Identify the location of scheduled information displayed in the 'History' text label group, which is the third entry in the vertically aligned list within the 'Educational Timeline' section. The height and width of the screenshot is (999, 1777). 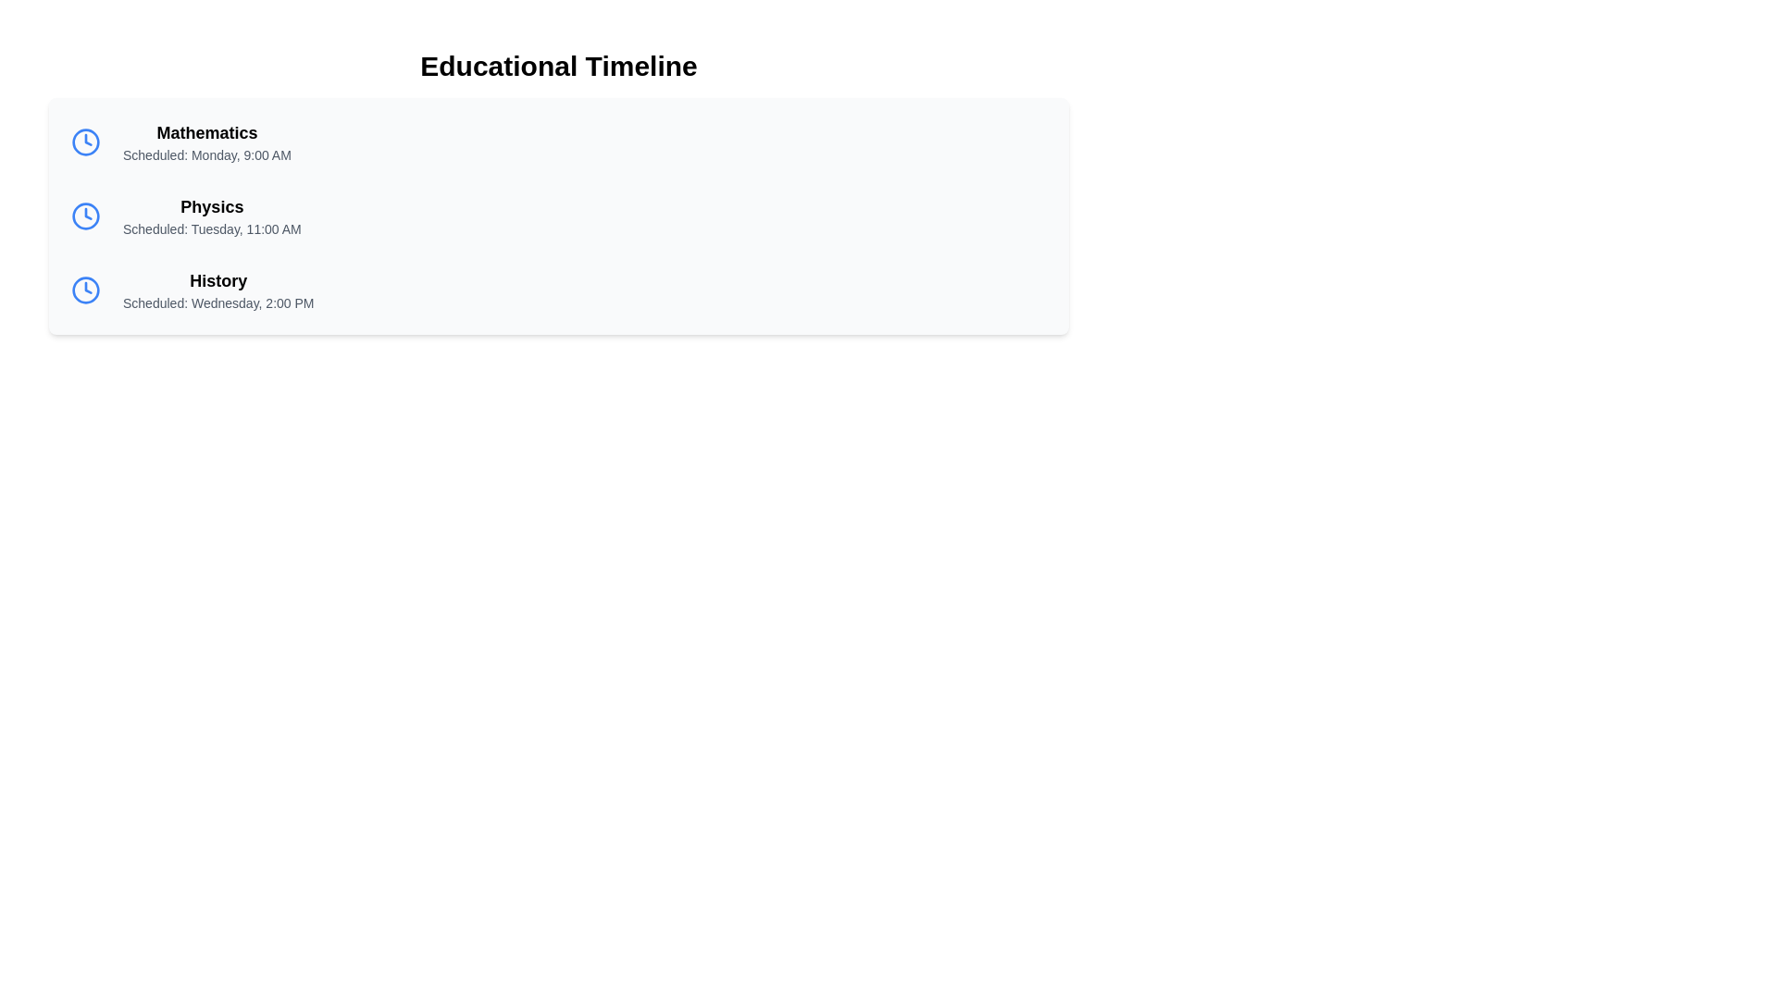
(218, 290).